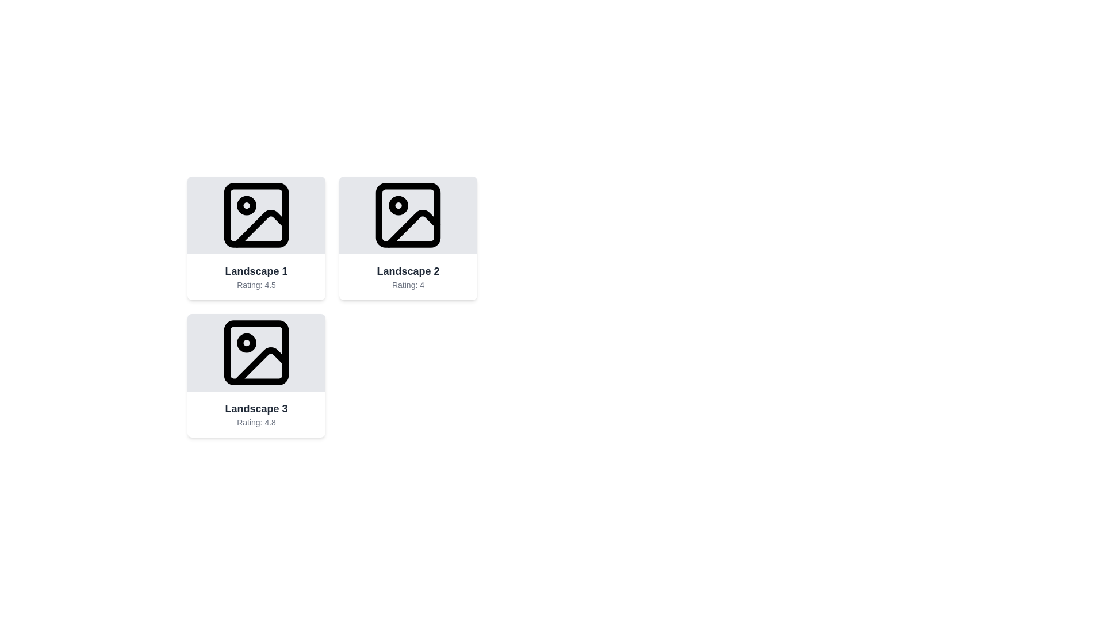  I want to click on the decorative rectangle within the 'Landscape 2' card icon, which features a black border and is positioned in the second position of the grid layout, so click(408, 215).